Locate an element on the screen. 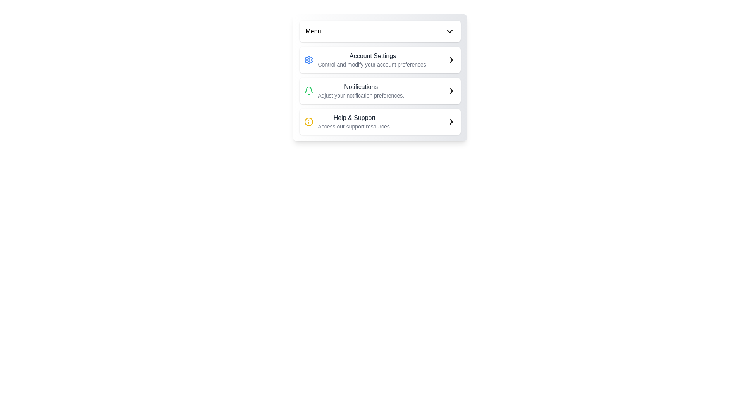 This screenshot has width=744, height=418. the label indicating account settings adjustment, which is positioned in the first section of the vertical menu list, between the 'Menu' dropdown and the descriptive text below is located at coordinates (373, 56).